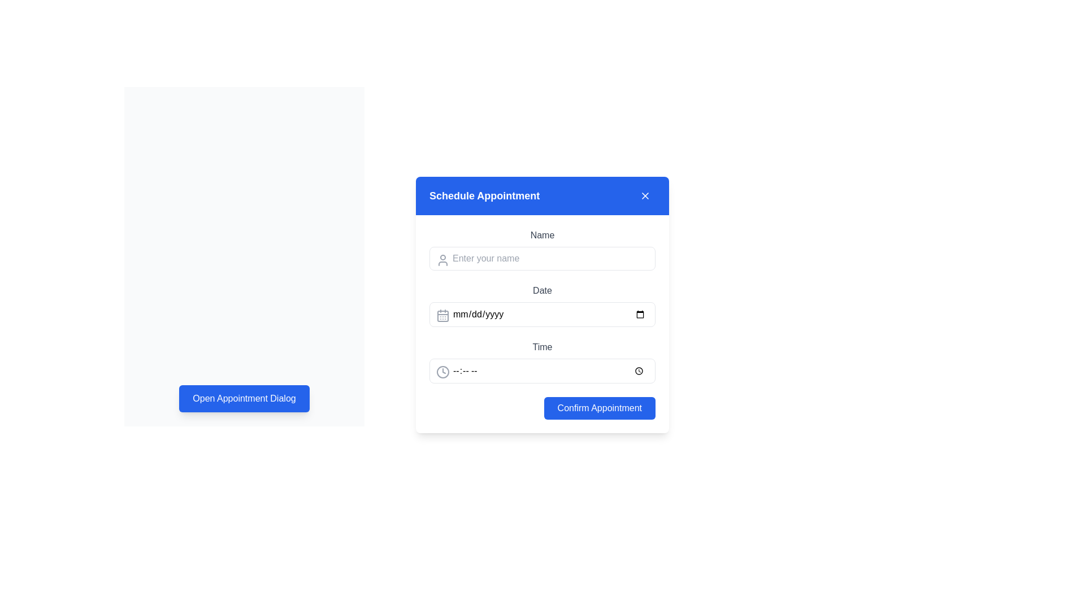  What do you see at coordinates (645, 195) in the screenshot?
I see `the close button located in the top-right corner of the blue header section of the modal dialog, adjacent to the text 'Schedule Appointment', to trigger any hover effects` at bounding box center [645, 195].